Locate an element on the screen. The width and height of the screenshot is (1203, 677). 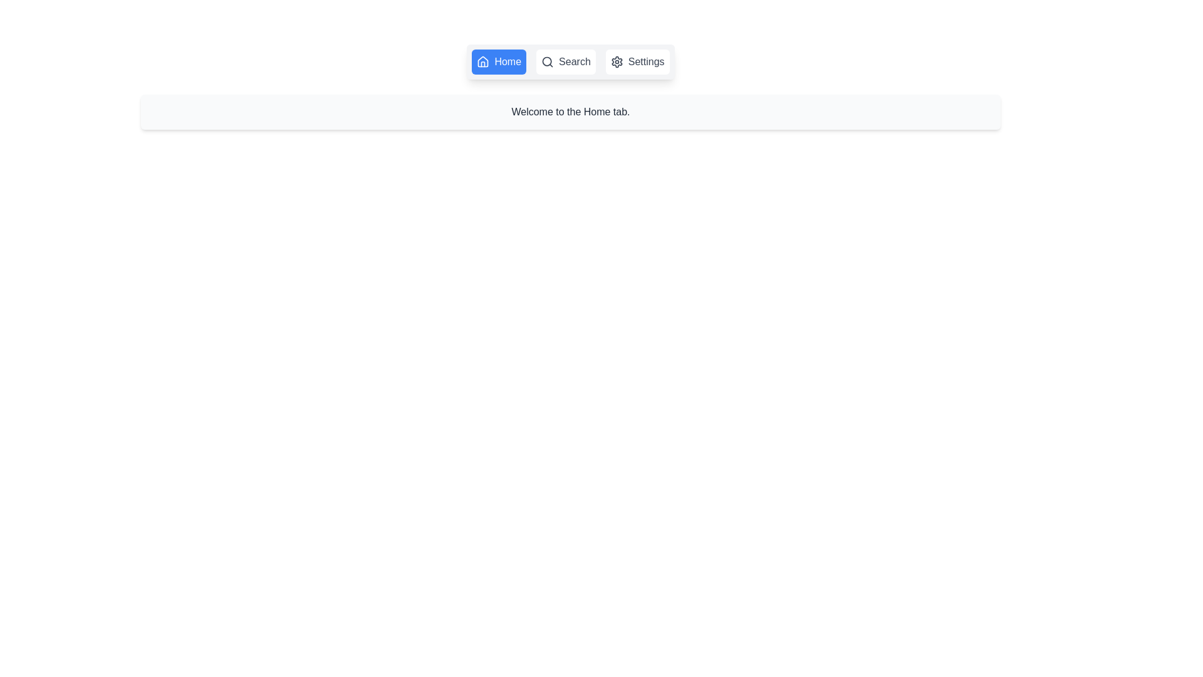
the search button is located at coordinates (565, 62).